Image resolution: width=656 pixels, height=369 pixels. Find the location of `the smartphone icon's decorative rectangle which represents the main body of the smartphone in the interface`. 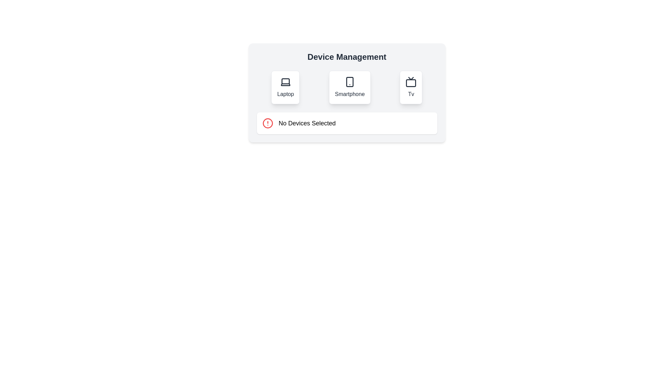

the smartphone icon's decorative rectangle which represents the main body of the smartphone in the interface is located at coordinates (350, 81).